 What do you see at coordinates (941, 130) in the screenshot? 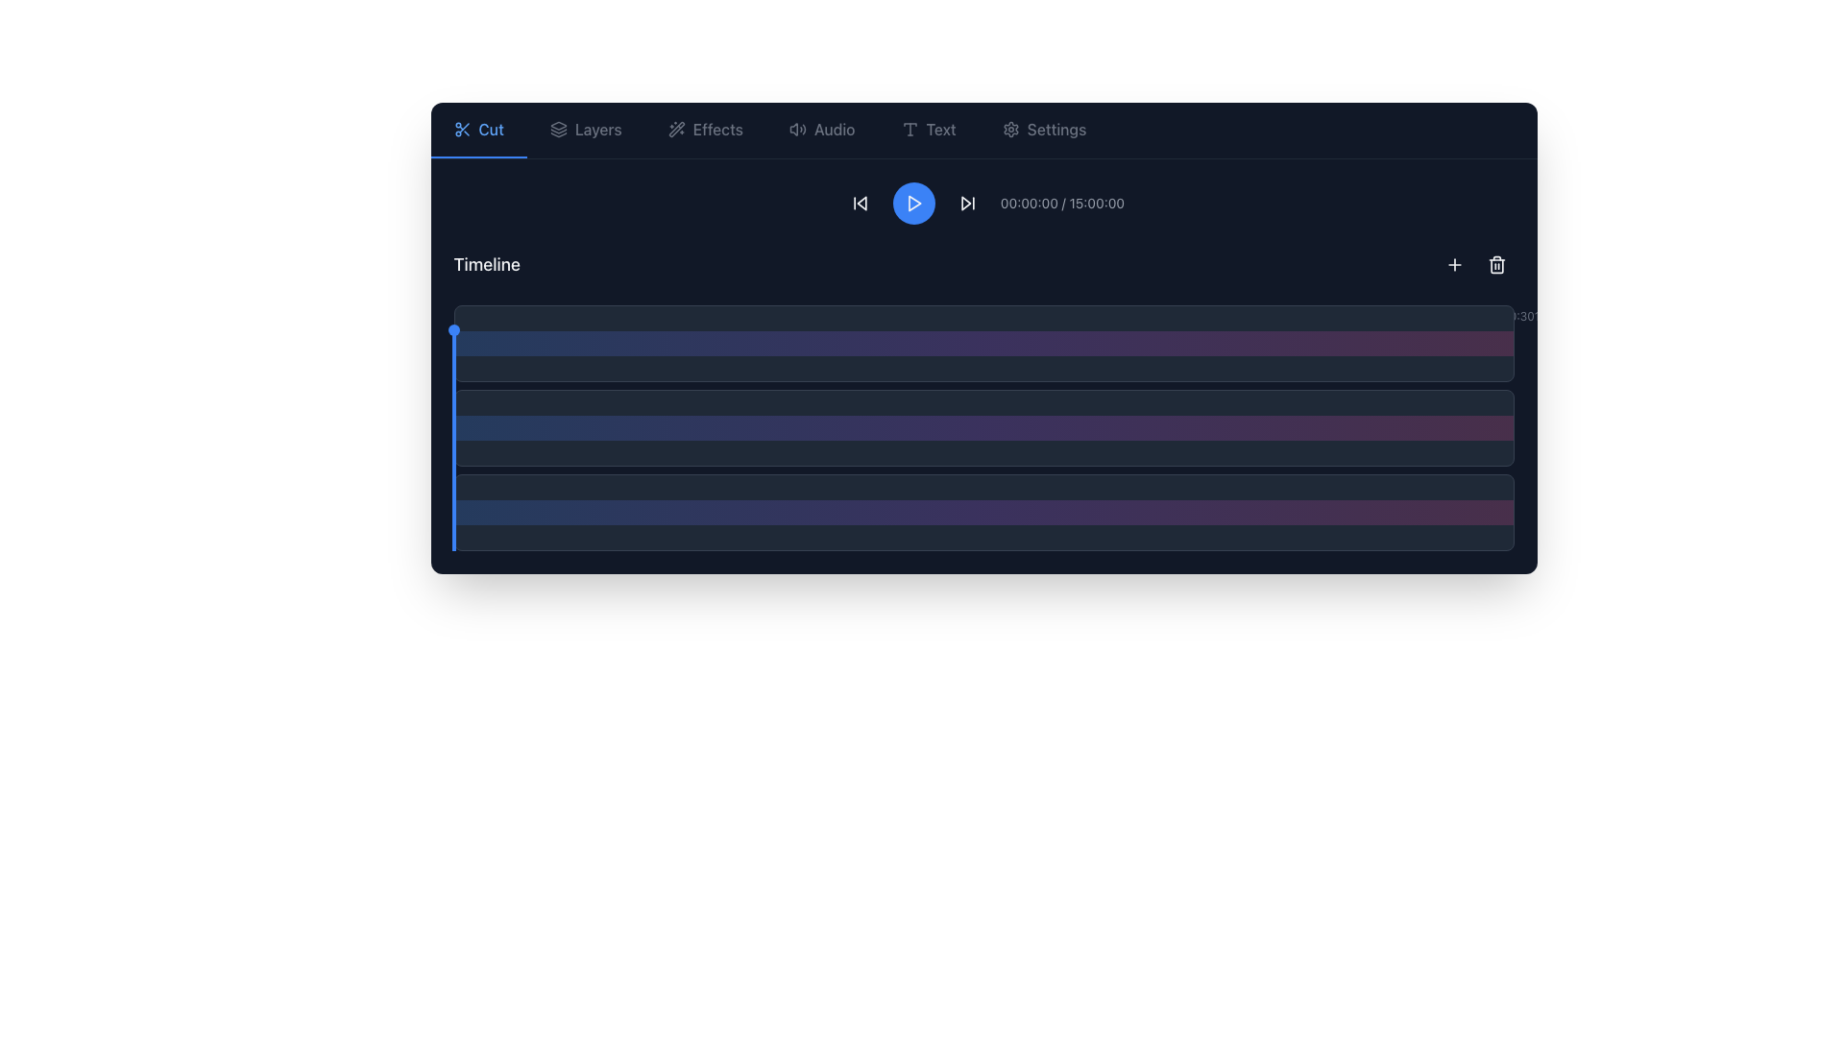
I see `the 'Text' label in the horizontal navigation bar` at bounding box center [941, 130].